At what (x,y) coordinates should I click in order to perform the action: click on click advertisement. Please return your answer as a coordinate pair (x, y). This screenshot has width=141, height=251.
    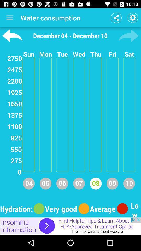
    Looking at the image, I should click on (70, 226).